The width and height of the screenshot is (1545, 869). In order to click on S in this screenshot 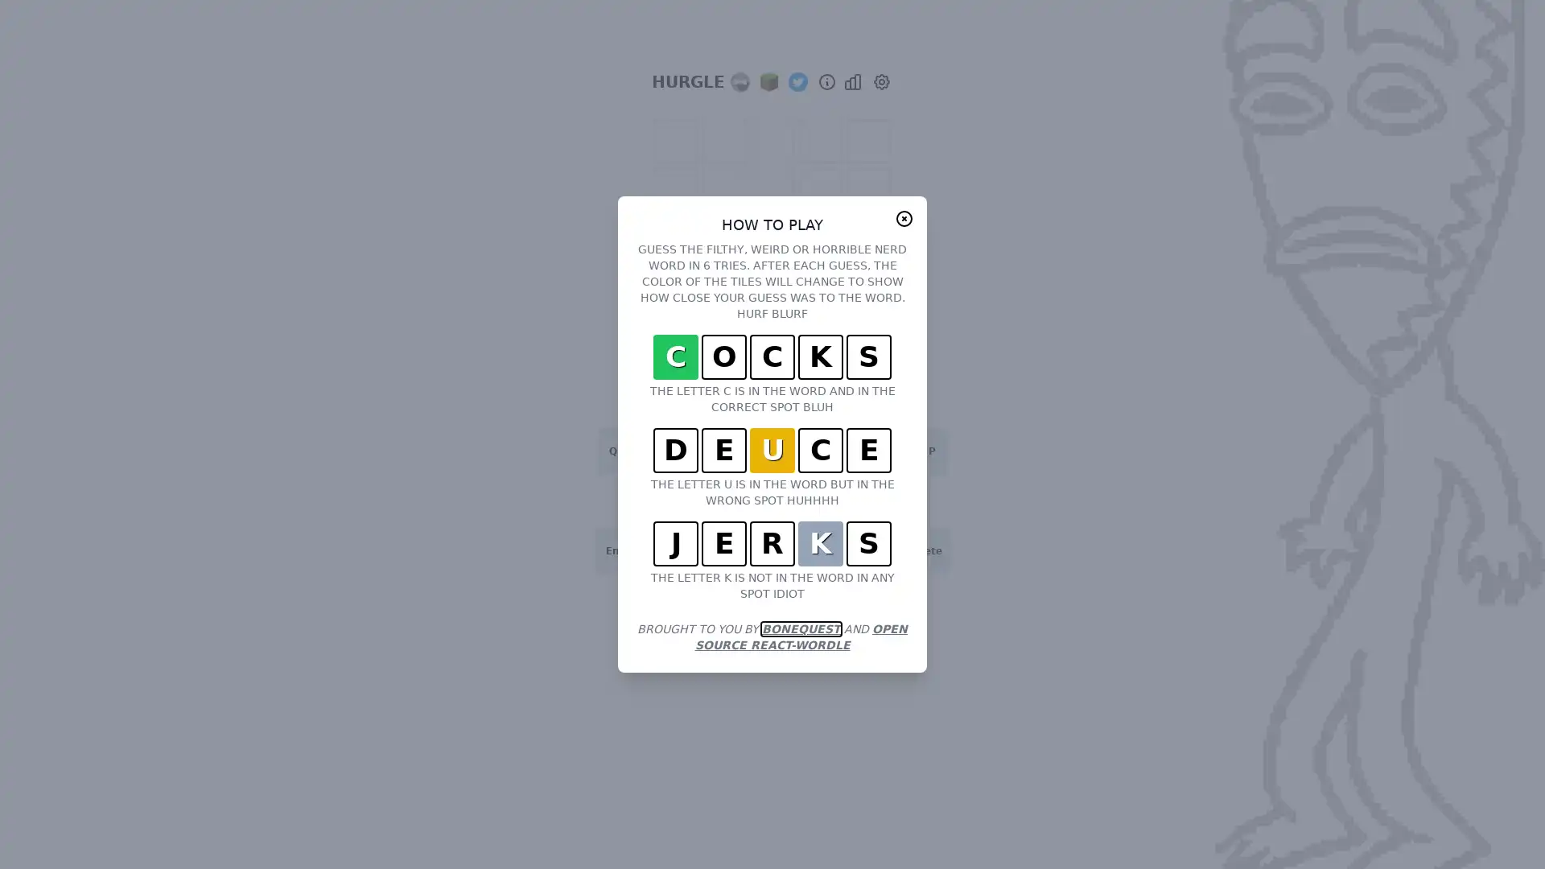, I will do `click(666, 500)`.